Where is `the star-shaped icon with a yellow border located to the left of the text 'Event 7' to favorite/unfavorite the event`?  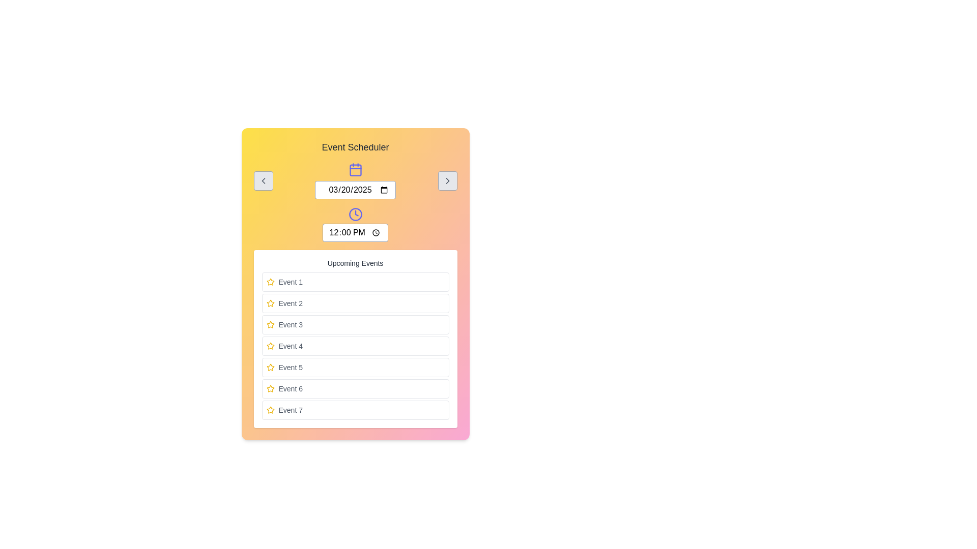 the star-shaped icon with a yellow border located to the left of the text 'Event 7' to favorite/unfavorite the event is located at coordinates (270, 409).